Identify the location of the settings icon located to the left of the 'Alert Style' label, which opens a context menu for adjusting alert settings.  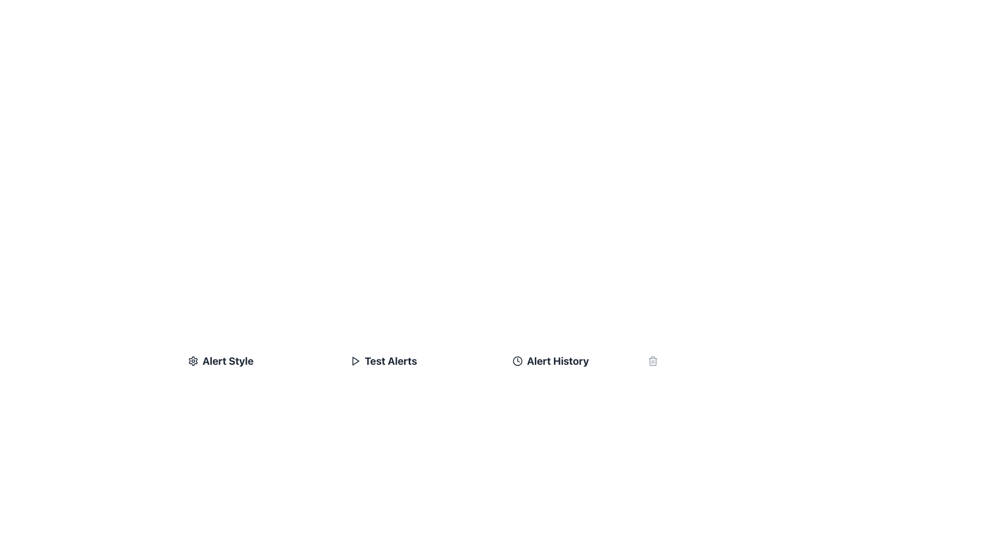
(193, 360).